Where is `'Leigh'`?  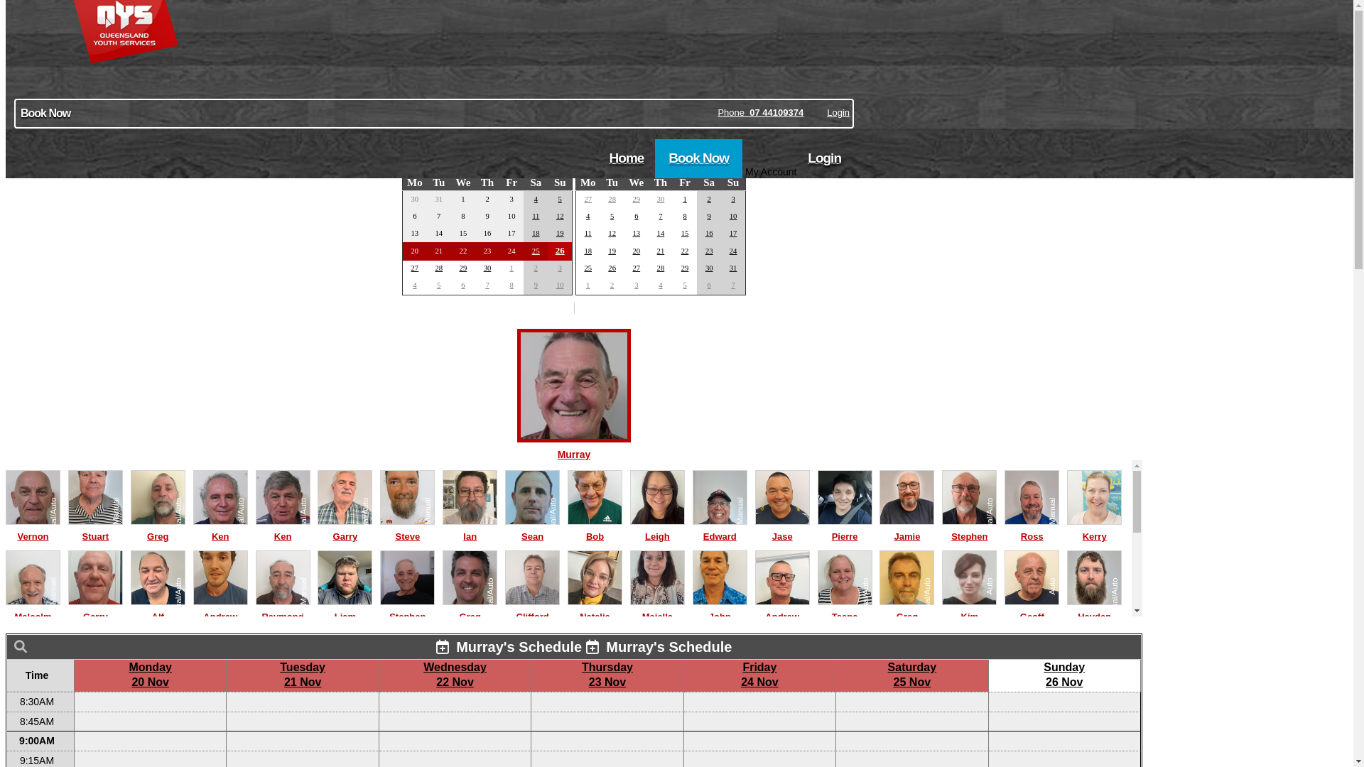 'Leigh' is located at coordinates (656, 529).